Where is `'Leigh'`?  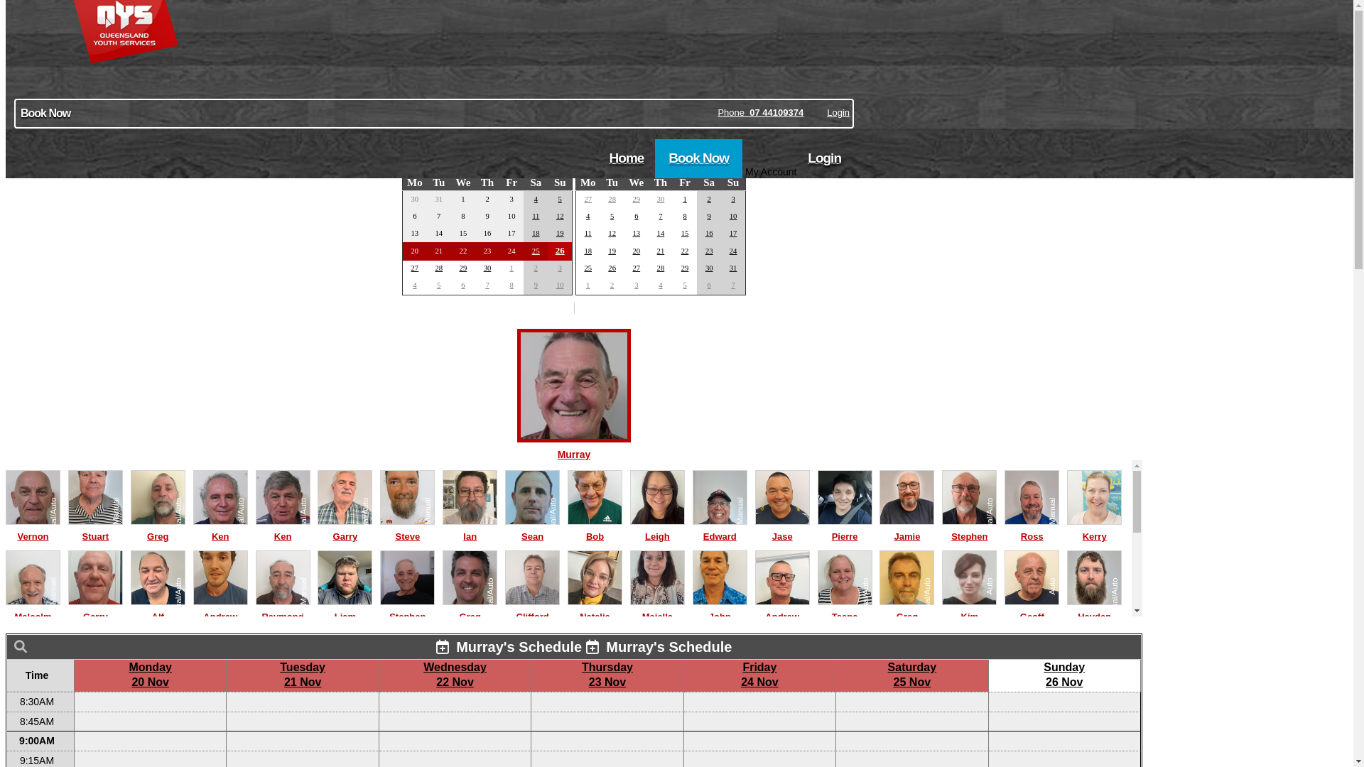 'Leigh' is located at coordinates (656, 529).